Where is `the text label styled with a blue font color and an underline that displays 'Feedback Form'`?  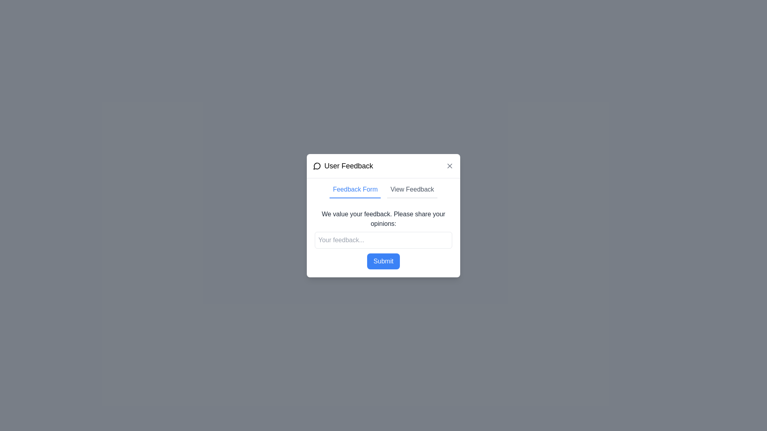
the text label styled with a blue font color and an underline that displays 'Feedback Form' is located at coordinates (355, 190).